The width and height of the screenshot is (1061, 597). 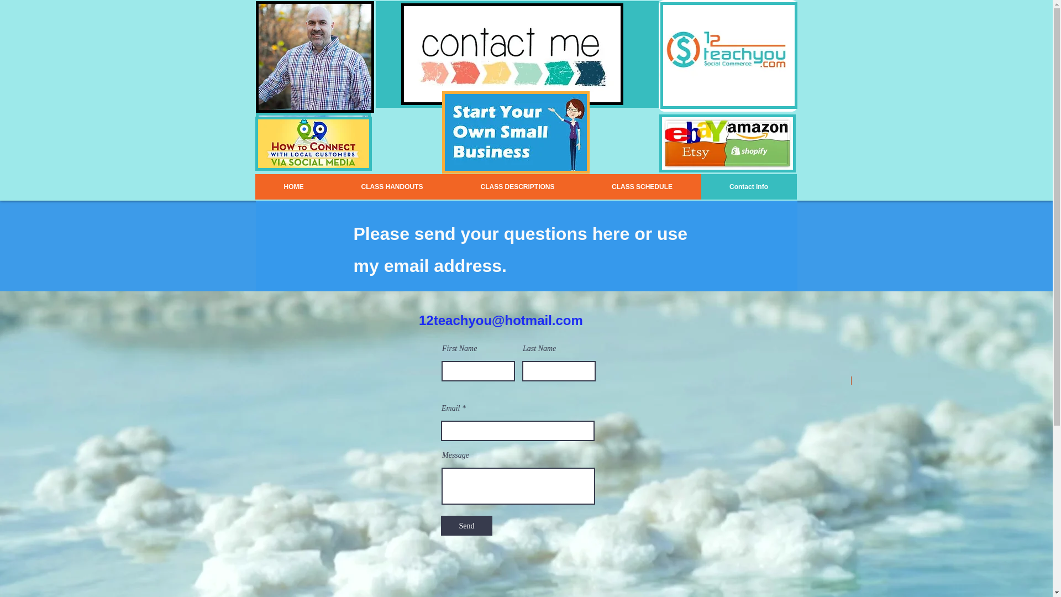 What do you see at coordinates (466, 525) in the screenshot?
I see `'Send'` at bounding box center [466, 525].